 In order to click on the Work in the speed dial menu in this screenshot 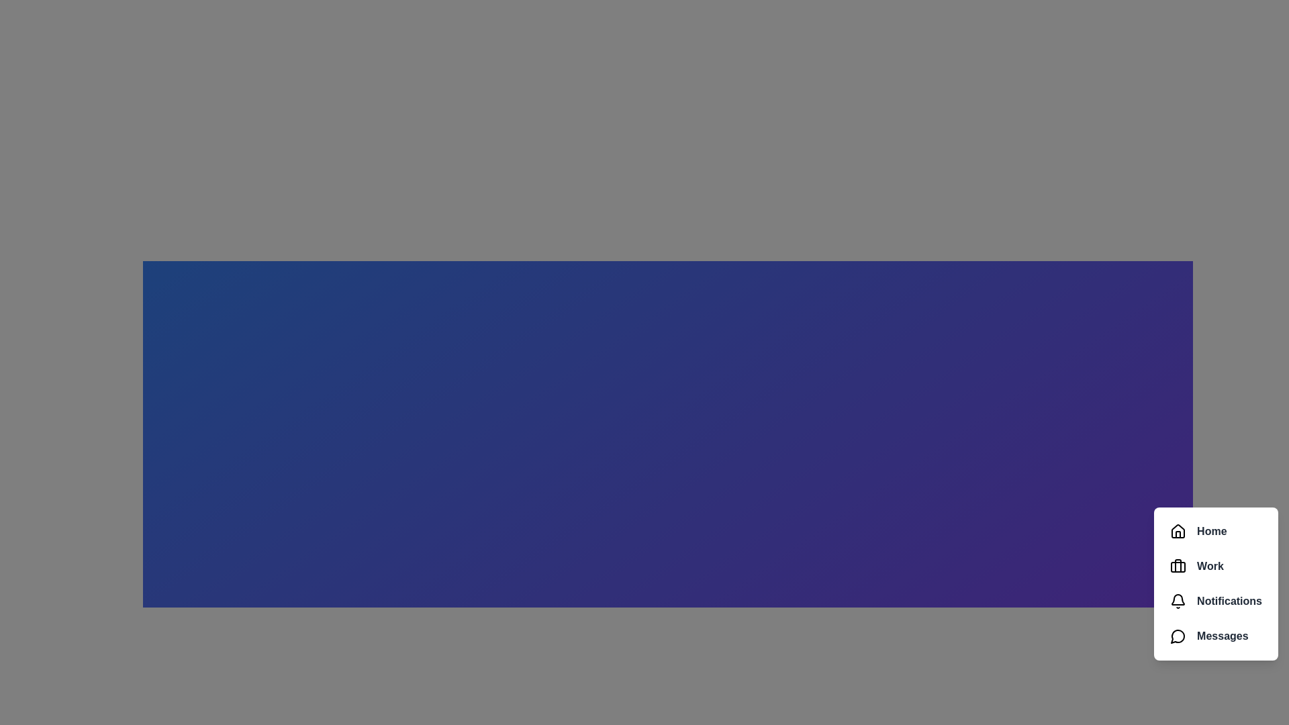, I will do `click(1216, 567)`.